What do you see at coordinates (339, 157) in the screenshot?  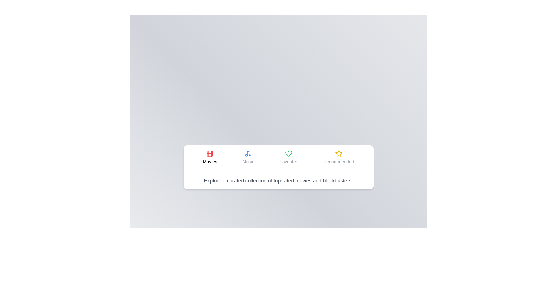 I see `the Recommended tab to observe style changes` at bounding box center [339, 157].